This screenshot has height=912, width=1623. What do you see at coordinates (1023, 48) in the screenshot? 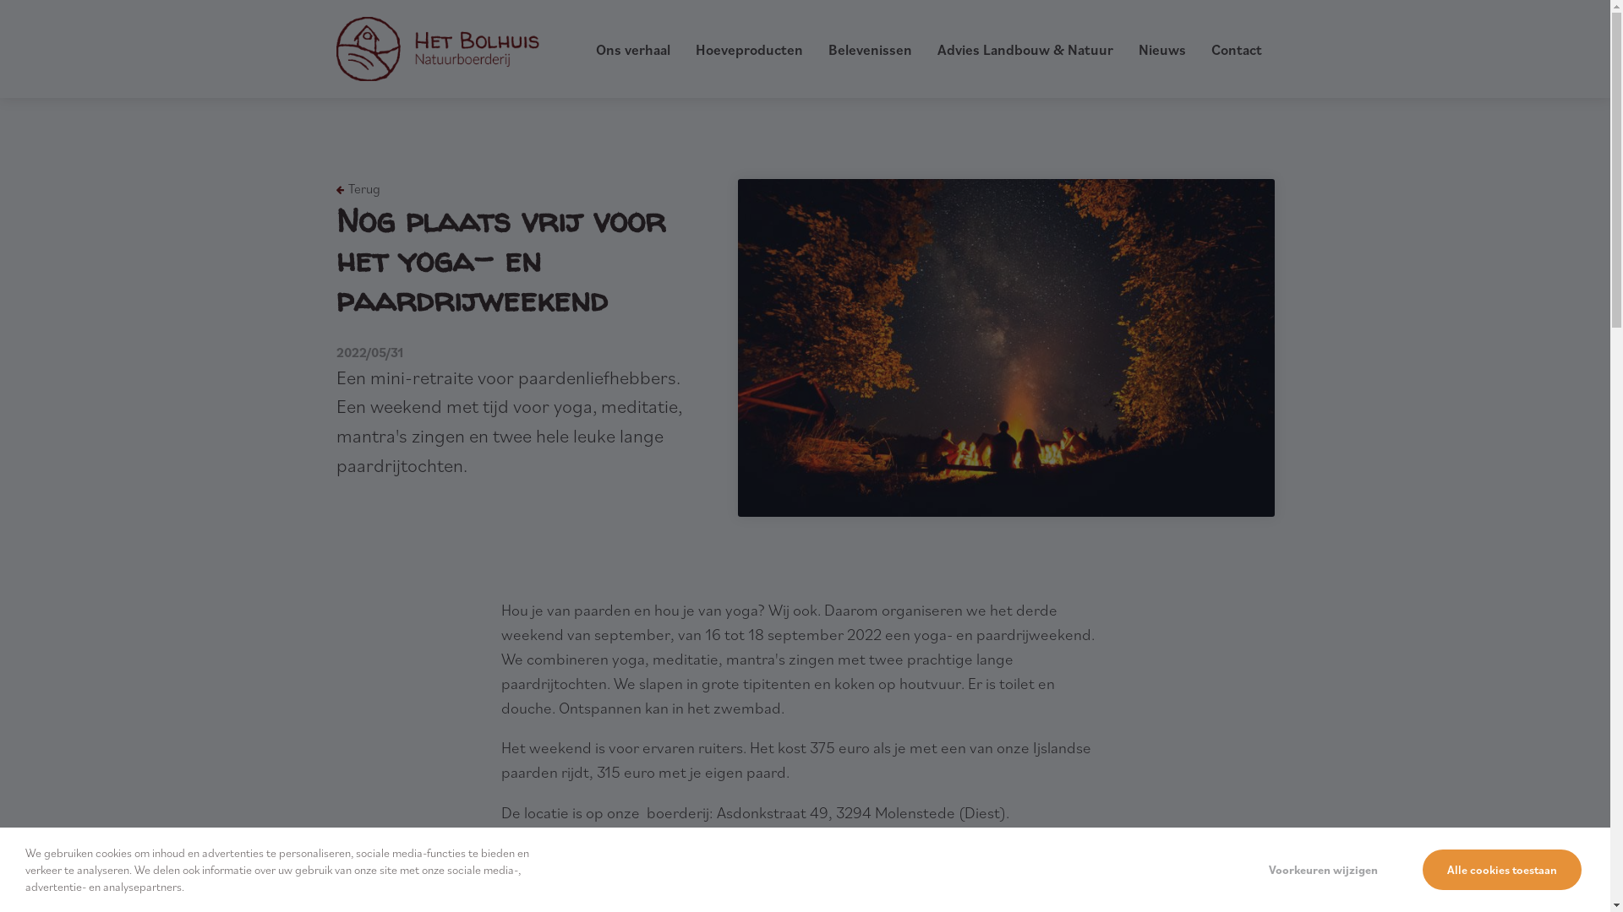
I see `'Advies Landbouw & Natuur'` at bounding box center [1023, 48].